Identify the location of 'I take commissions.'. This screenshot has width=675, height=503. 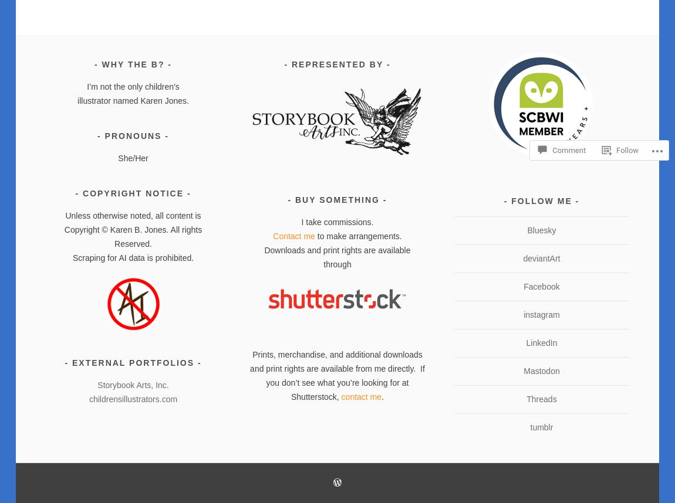
(337, 222).